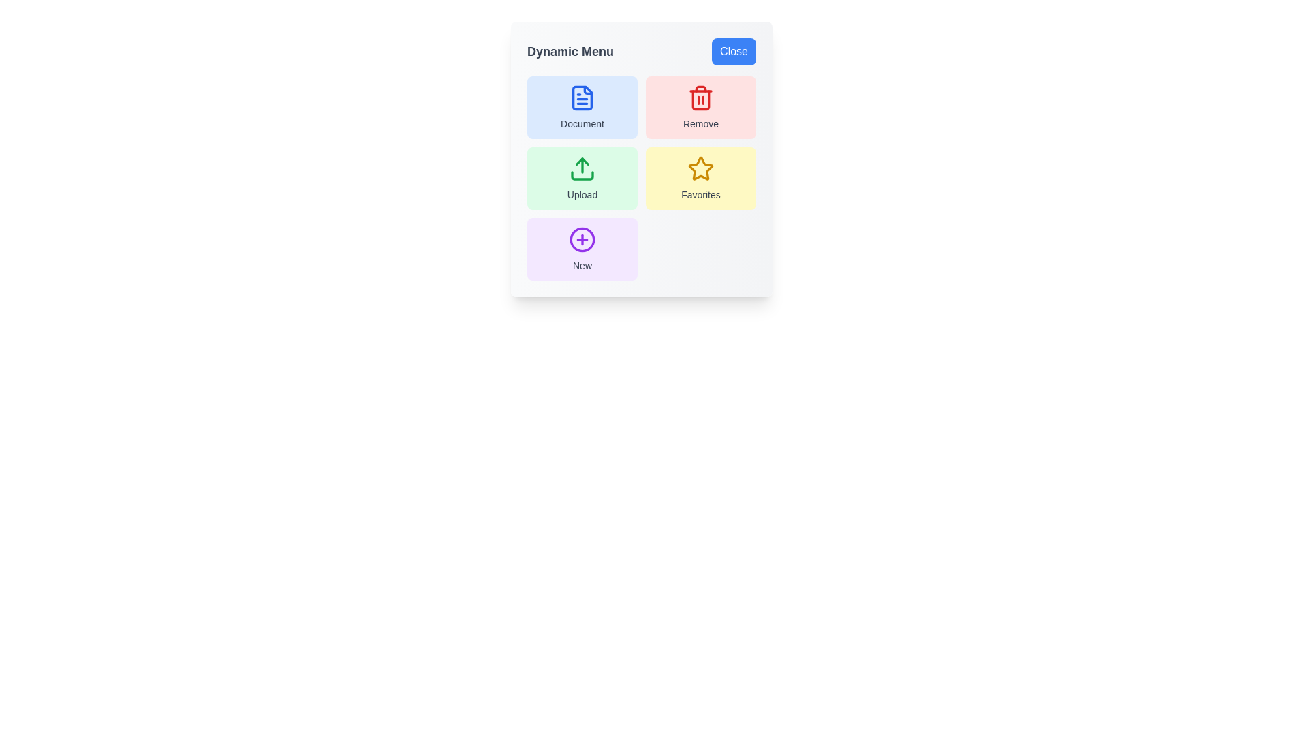  What do you see at coordinates (700, 123) in the screenshot?
I see `the text label that indicates the functionality of the associated button for removing an item, which is located beneath a trash bin icon in the first row of a 3x2 grid layout` at bounding box center [700, 123].